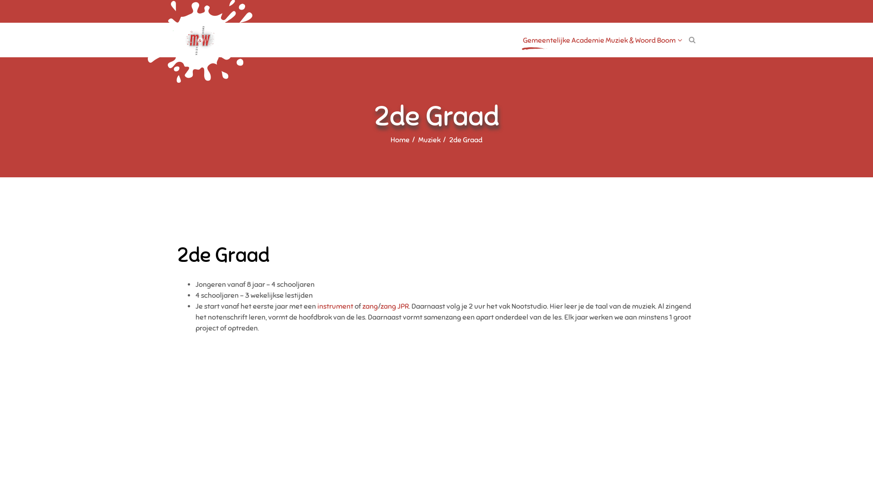 The height and width of the screenshot is (491, 873). What do you see at coordinates (429, 140) in the screenshot?
I see `'Muziek'` at bounding box center [429, 140].